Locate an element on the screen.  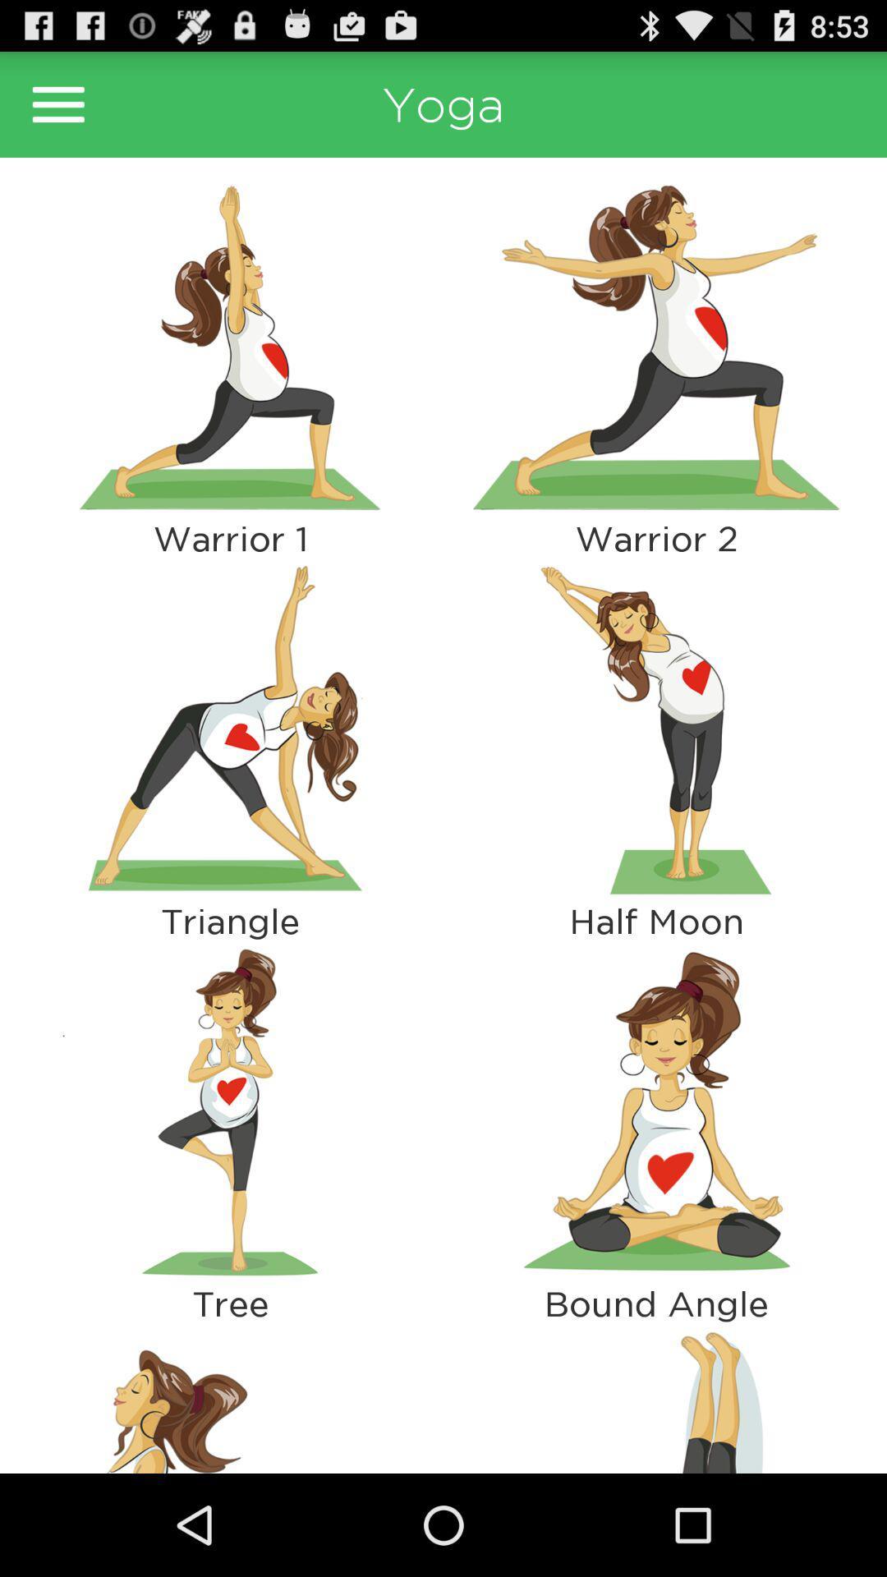
app next to half moon app is located at coordinates (230, 1112).